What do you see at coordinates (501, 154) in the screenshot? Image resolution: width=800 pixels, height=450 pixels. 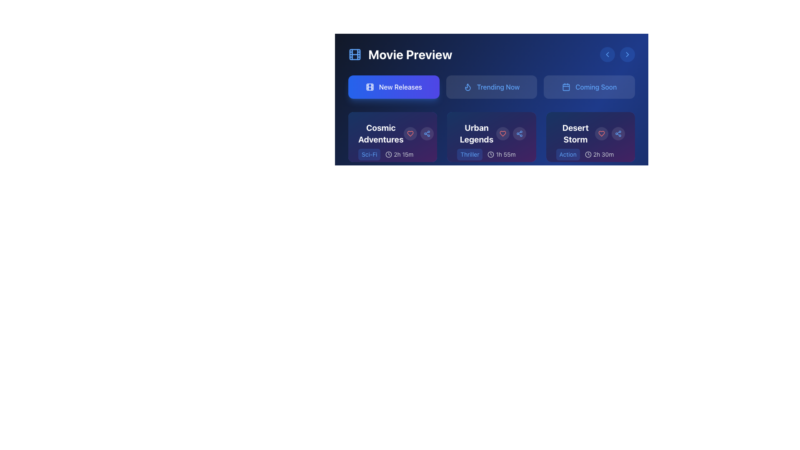 I see `the text label with icon that displays the duration of the associated movie 'Urban Legends', located to the right of the 'Thriller' tag and before the rating '4.5'` at bounding box center [501, 154].